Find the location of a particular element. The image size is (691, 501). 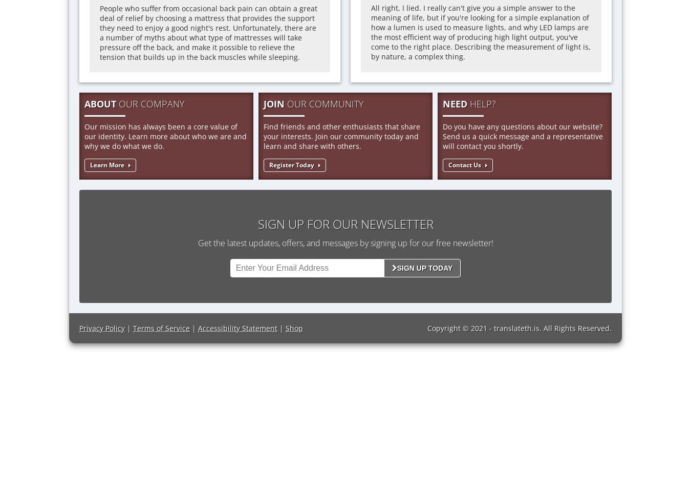

'JOIN' is located at coordinates (273, 104).